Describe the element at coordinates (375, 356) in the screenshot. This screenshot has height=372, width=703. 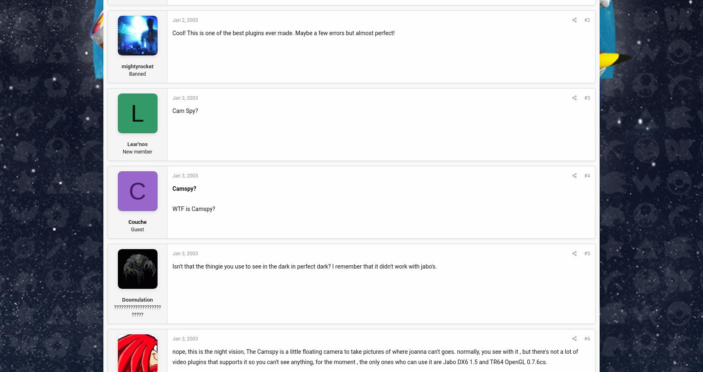
I see `'nope, this is the night vision, The Camspy is a little floating camera to take pictures of where joanna can't goes. normally, you see with it , but there's not a  lot of video plugins that supports it so you can't see anything, for the moment , the only ones who can use it are Jabo DX6 1.5 and TR64 OpenGL 0.7.6cs.'` at that location.